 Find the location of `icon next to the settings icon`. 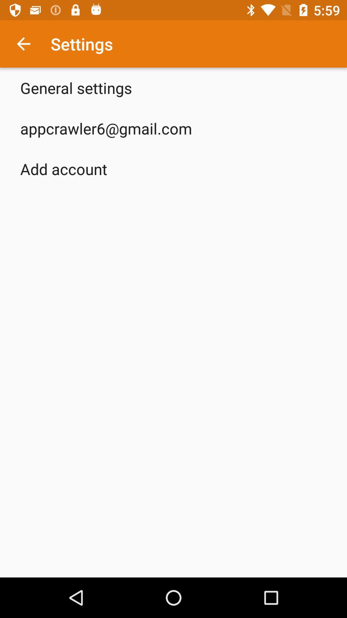

icon next to the settings icon is located at coordinates (23, 43).